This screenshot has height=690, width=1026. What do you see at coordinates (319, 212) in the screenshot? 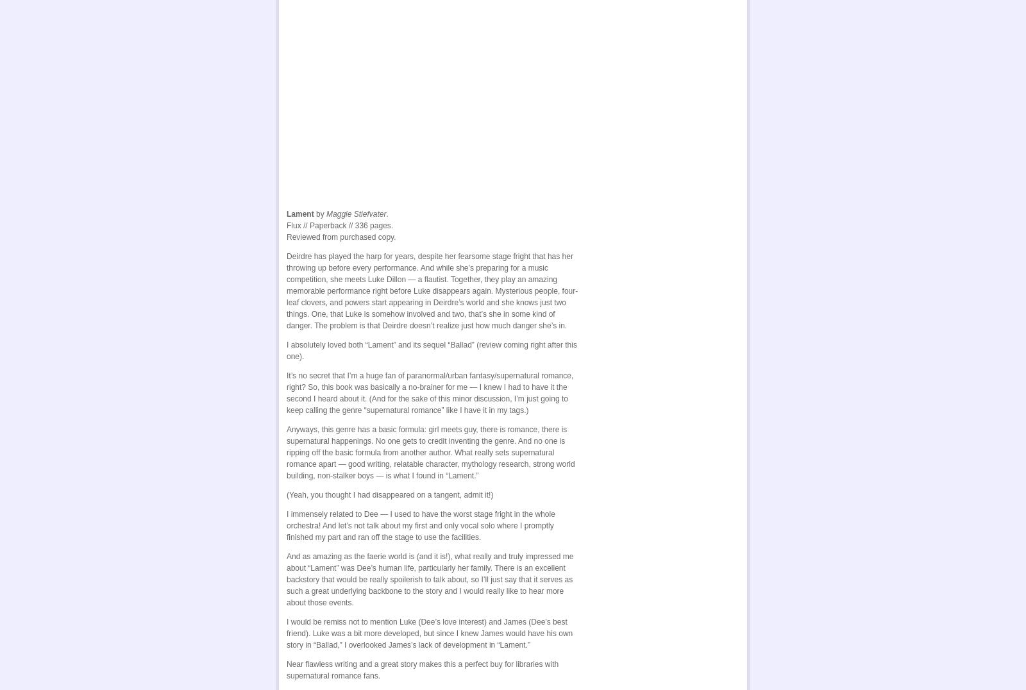
I see `'by'` at bounding box center [319, 212].